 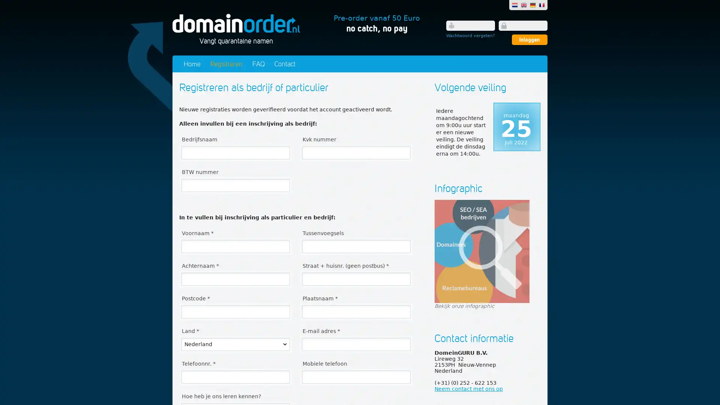 What do you see at coordinates (529, 39) in the screenshot?
I see `Inloggen` at bounding box center [529, 39].